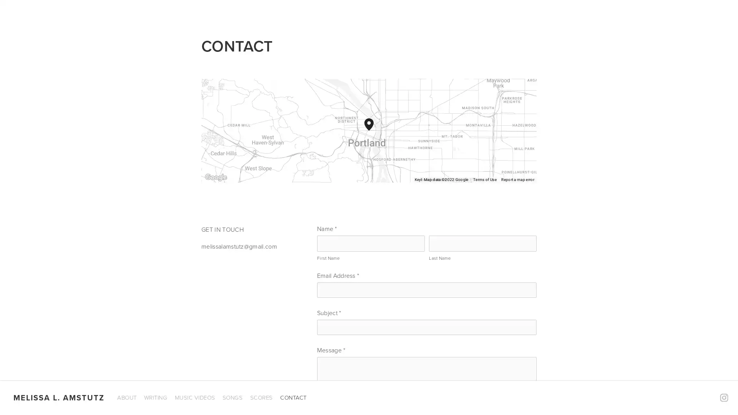 The width and height of the screenshot is (738, 415). Describe the element at coordinates (402, 179) in the screenshot. I see `Keyboard shortcuts` at that location.